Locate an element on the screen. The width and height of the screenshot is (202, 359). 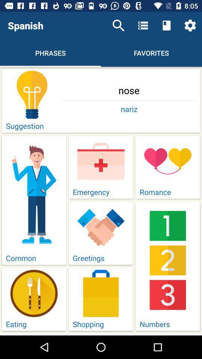
the icon above the favorites item is located at coordinates (166, 25).